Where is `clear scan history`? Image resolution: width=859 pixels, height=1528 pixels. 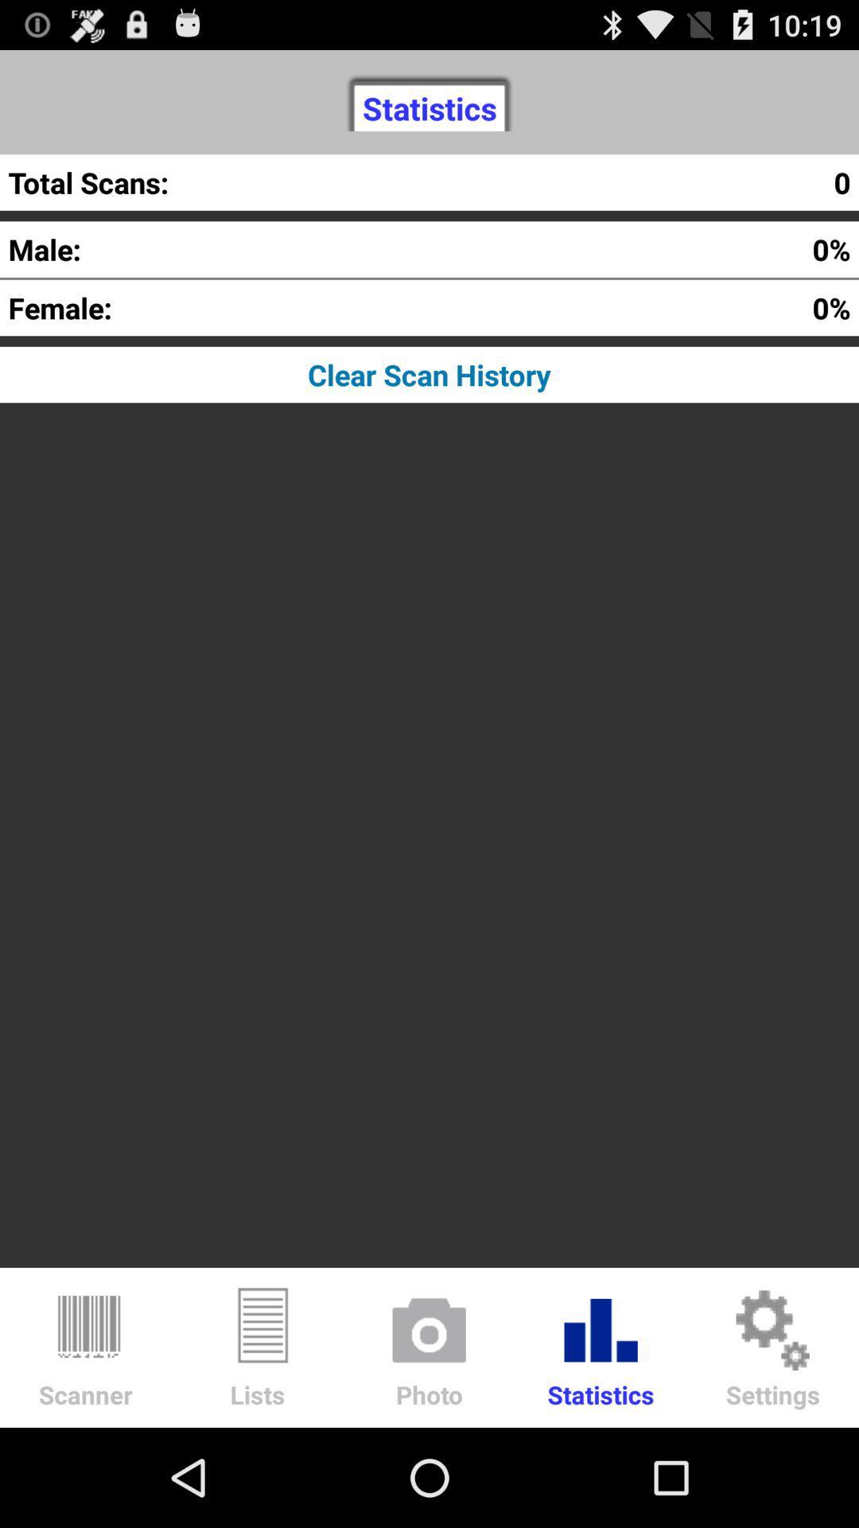
clear scan history is located at coordinates (429, 373).